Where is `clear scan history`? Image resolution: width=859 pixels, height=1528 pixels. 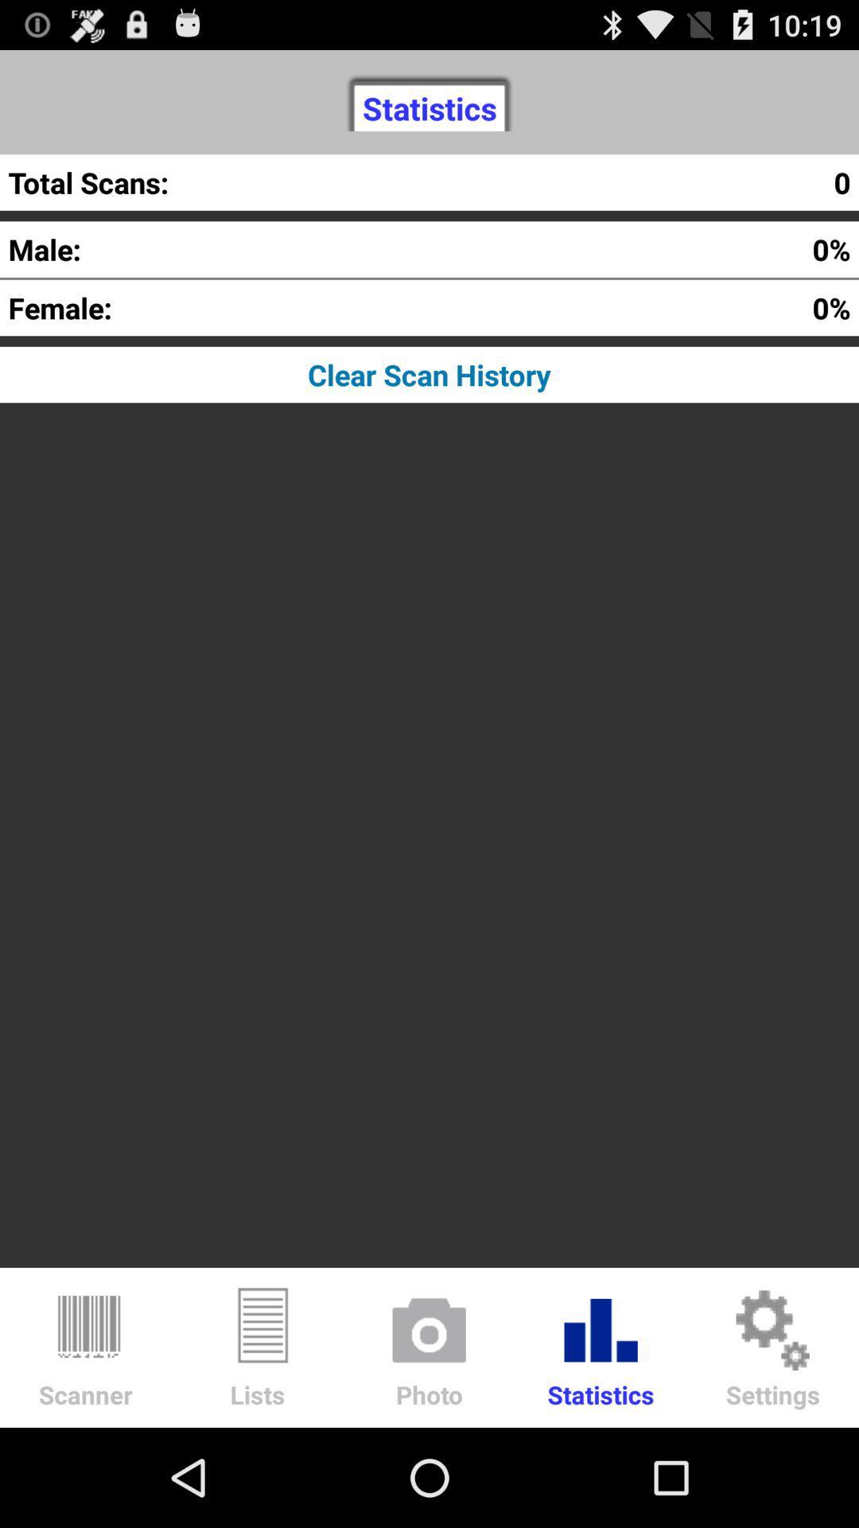
clear scan history is located at coordinates (429, 373).